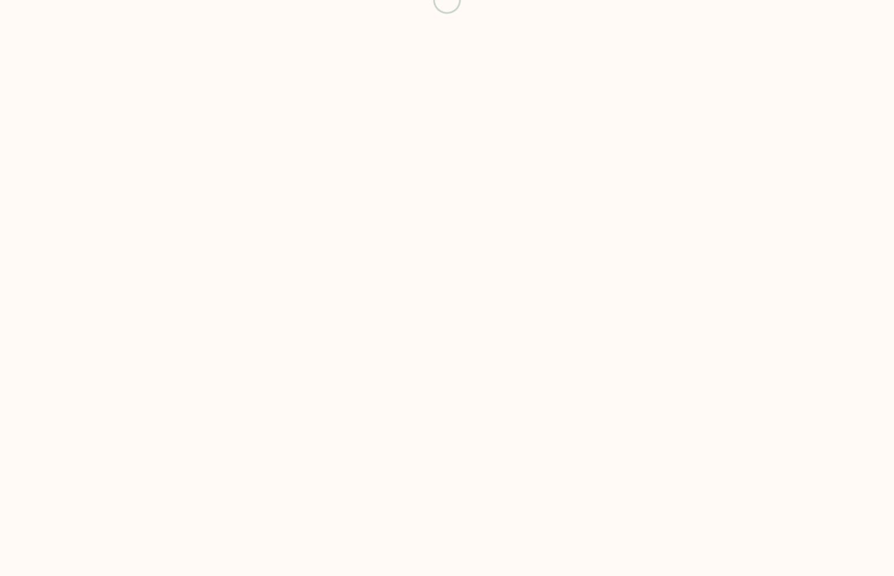 The width and height of the screenshot is (894, 576). I want to click on 'Hours', so click(328, 23).